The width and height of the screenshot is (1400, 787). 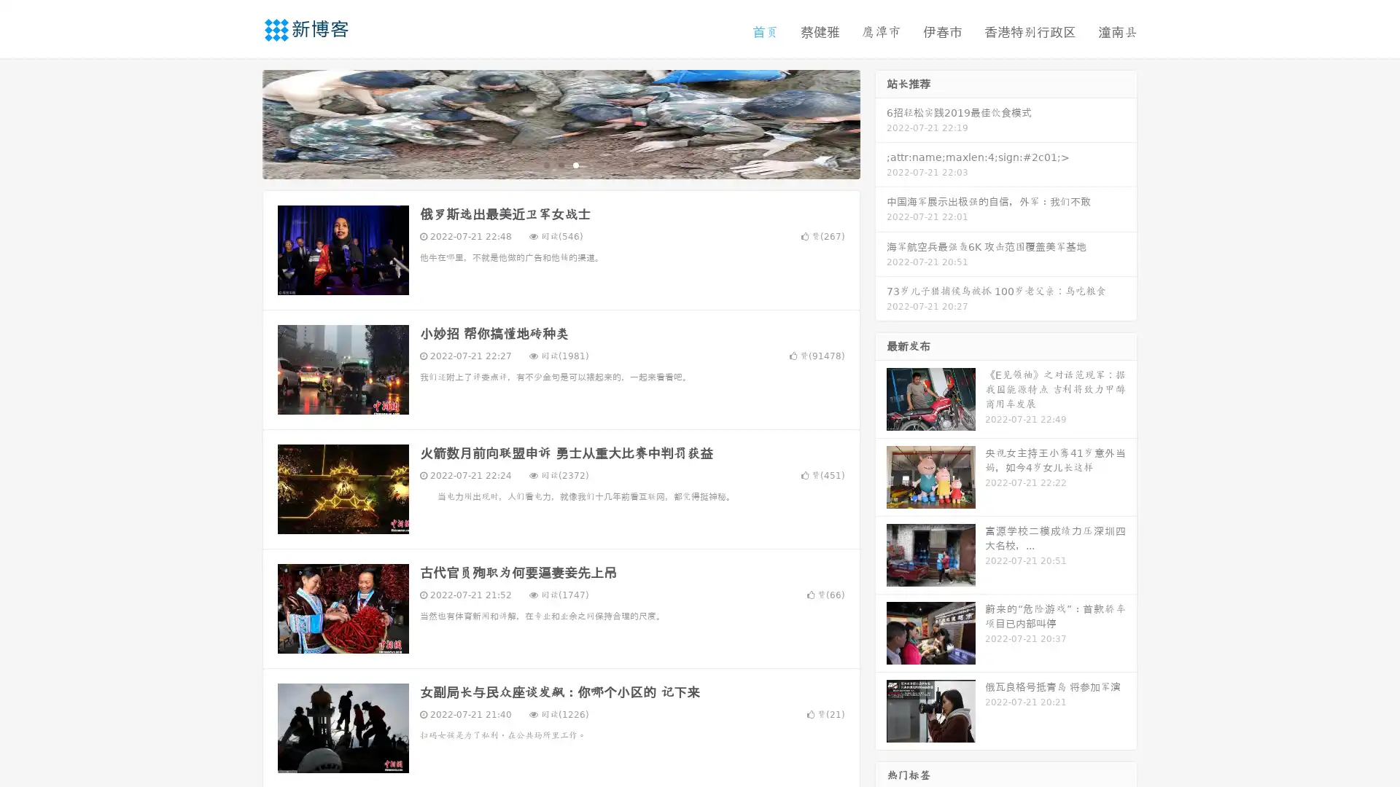 What do you see at coordinates (241, 122) in the screenshot?
I see `Previous slide` at bounding box center [241, 122].